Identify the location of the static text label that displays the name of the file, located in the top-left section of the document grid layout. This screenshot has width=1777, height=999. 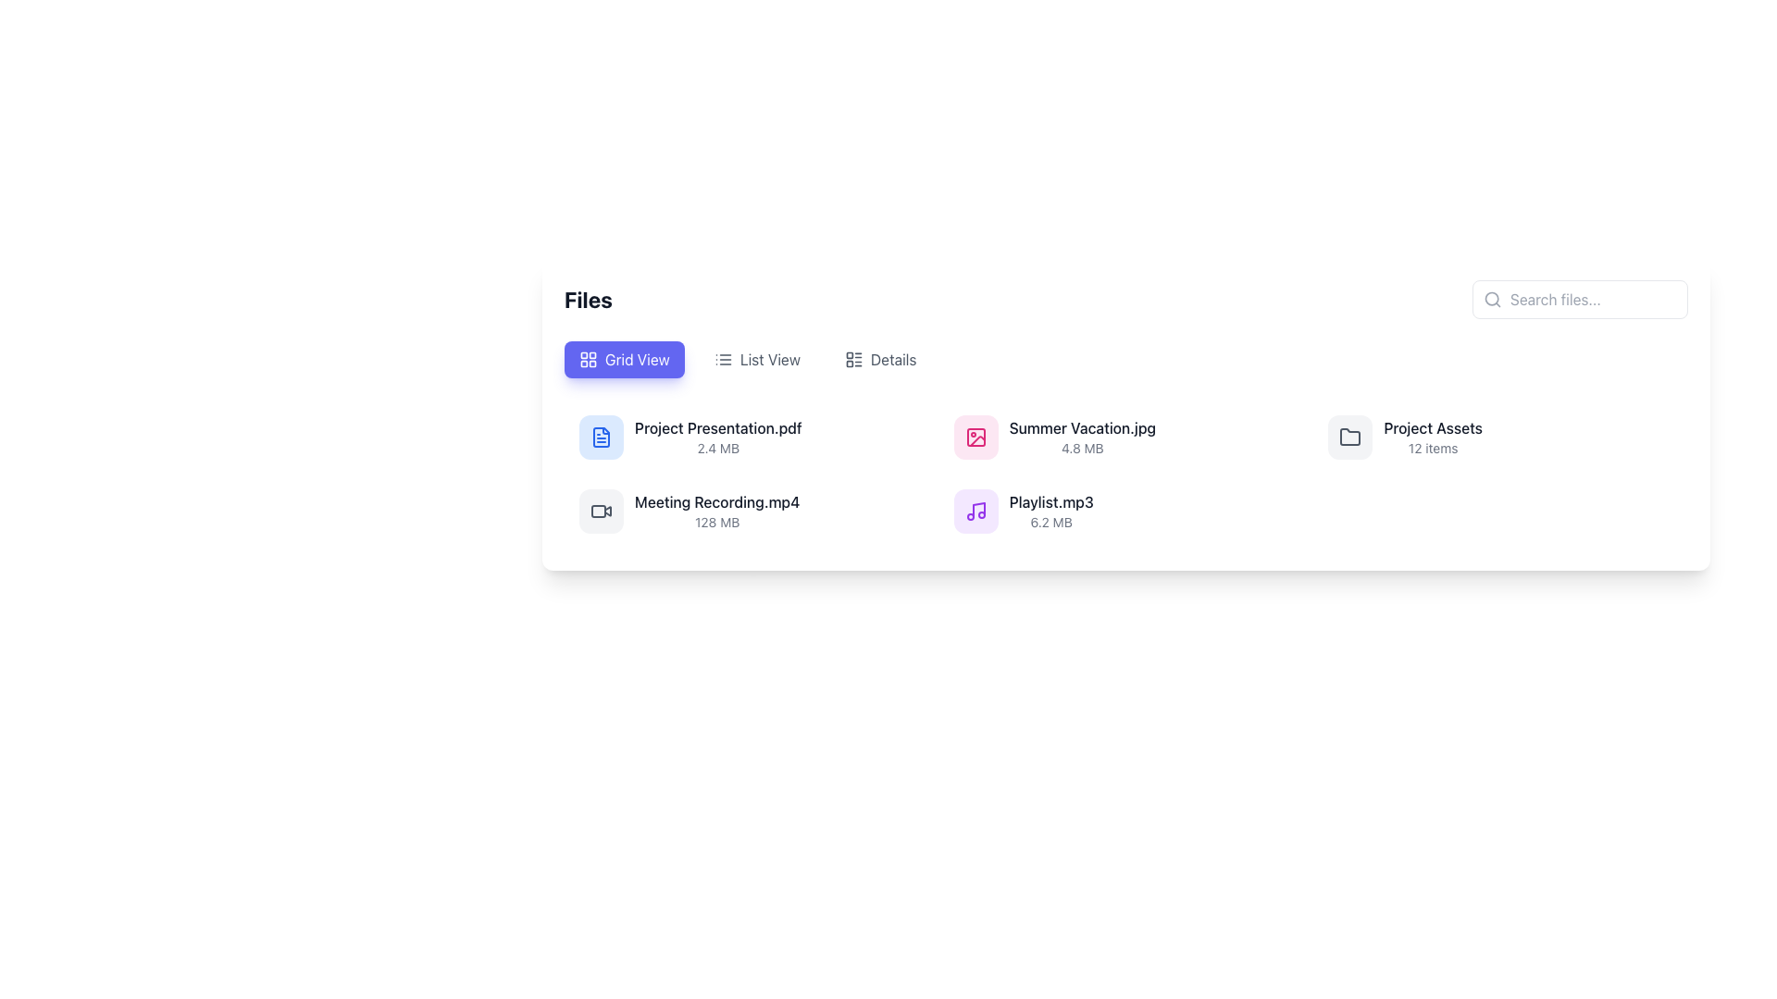
(717, 427).